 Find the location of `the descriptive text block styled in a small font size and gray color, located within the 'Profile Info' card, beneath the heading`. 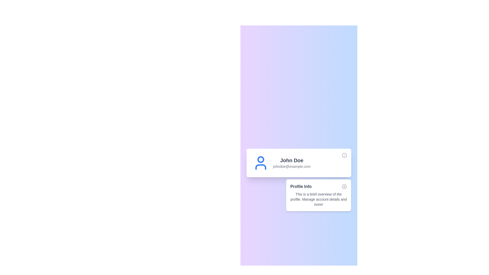

the descriptive text block styled in a small font size and gray color, located within the 'Profile Info' card, beneath the heading is located at coordinates (318, 199).